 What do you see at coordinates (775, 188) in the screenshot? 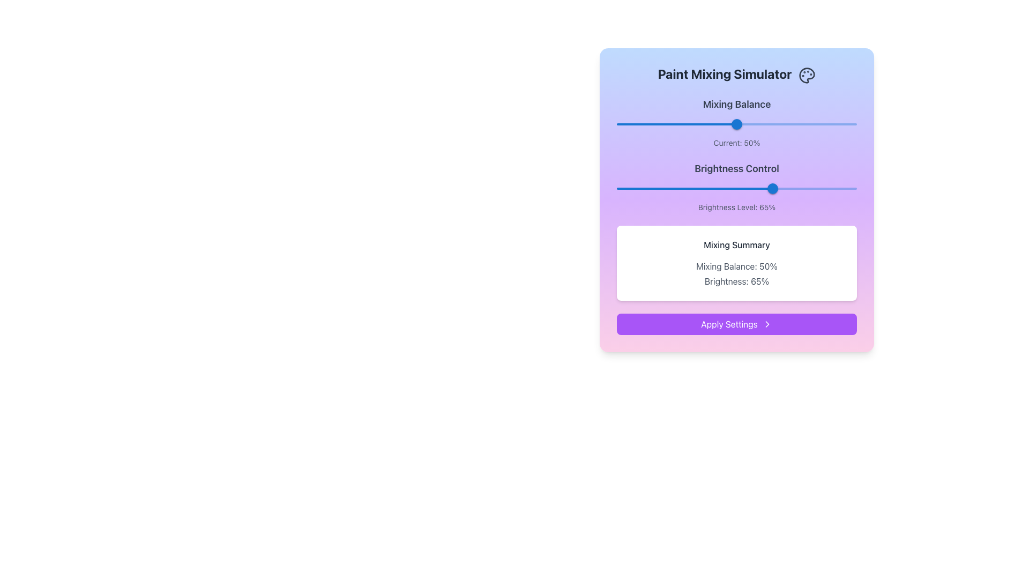
I see `brightness level` at bounding box center [775, 188].